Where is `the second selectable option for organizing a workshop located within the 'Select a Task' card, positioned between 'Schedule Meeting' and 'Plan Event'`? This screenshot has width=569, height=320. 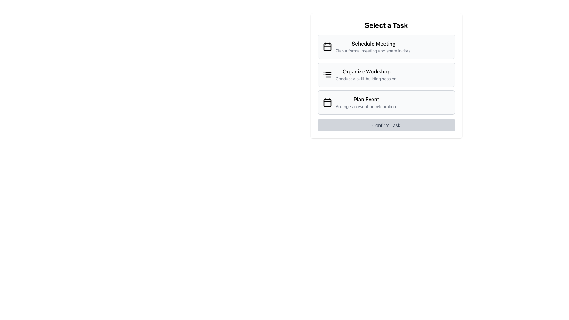
the second selectable option for organizing a workshop located within the 'Select a Task' card, positioned between 'Schedule Meeting' and 'Plan Event' is located at coordinates (386, 75).